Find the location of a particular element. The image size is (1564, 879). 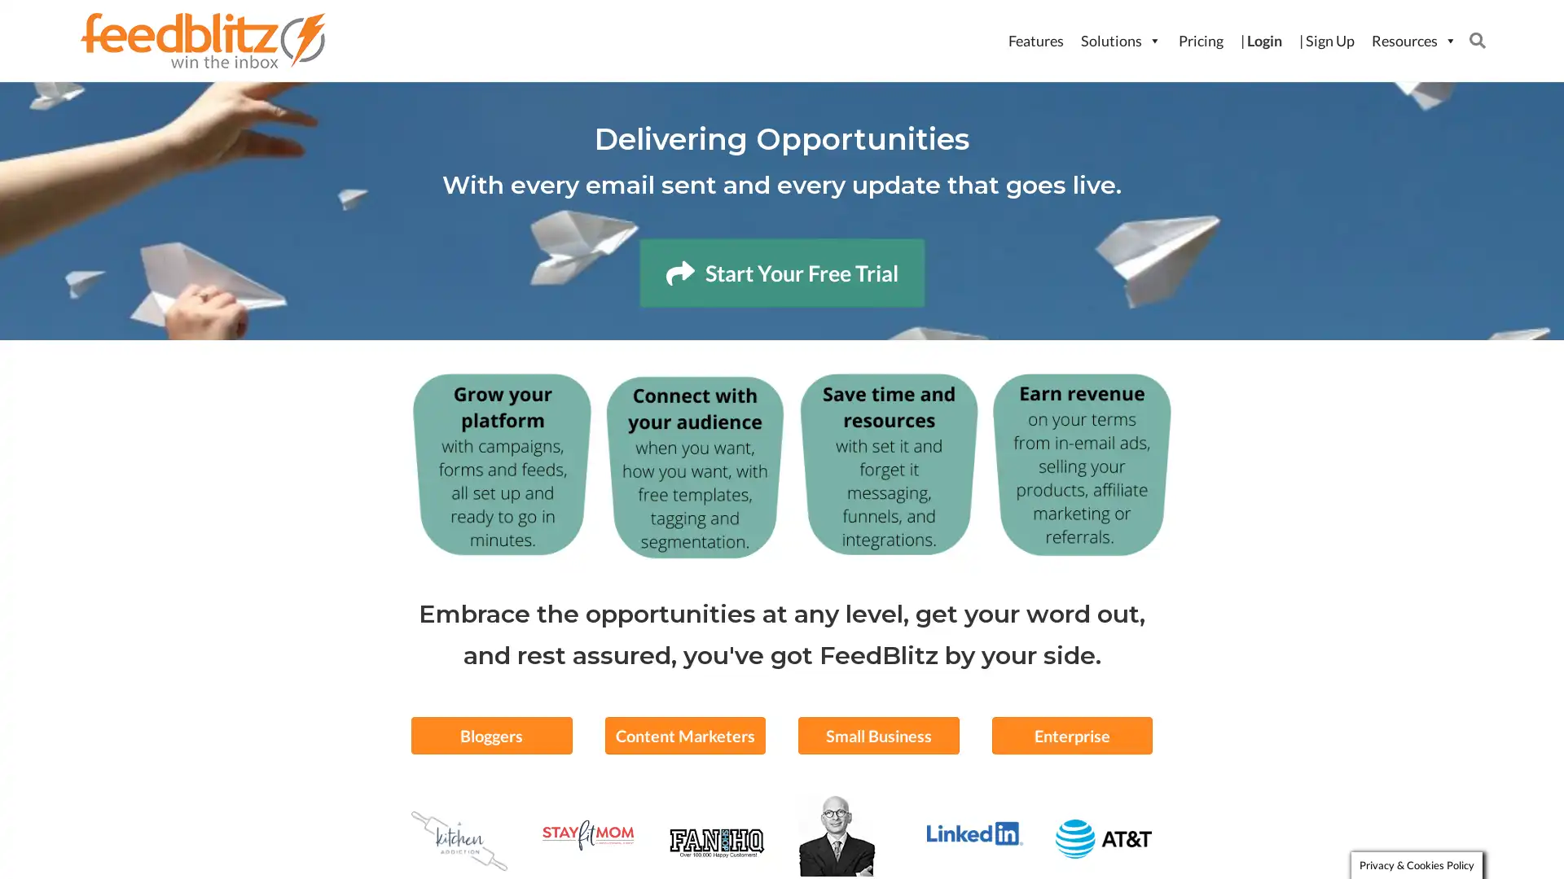

Enterprise is located at coordinates (1071, 734).